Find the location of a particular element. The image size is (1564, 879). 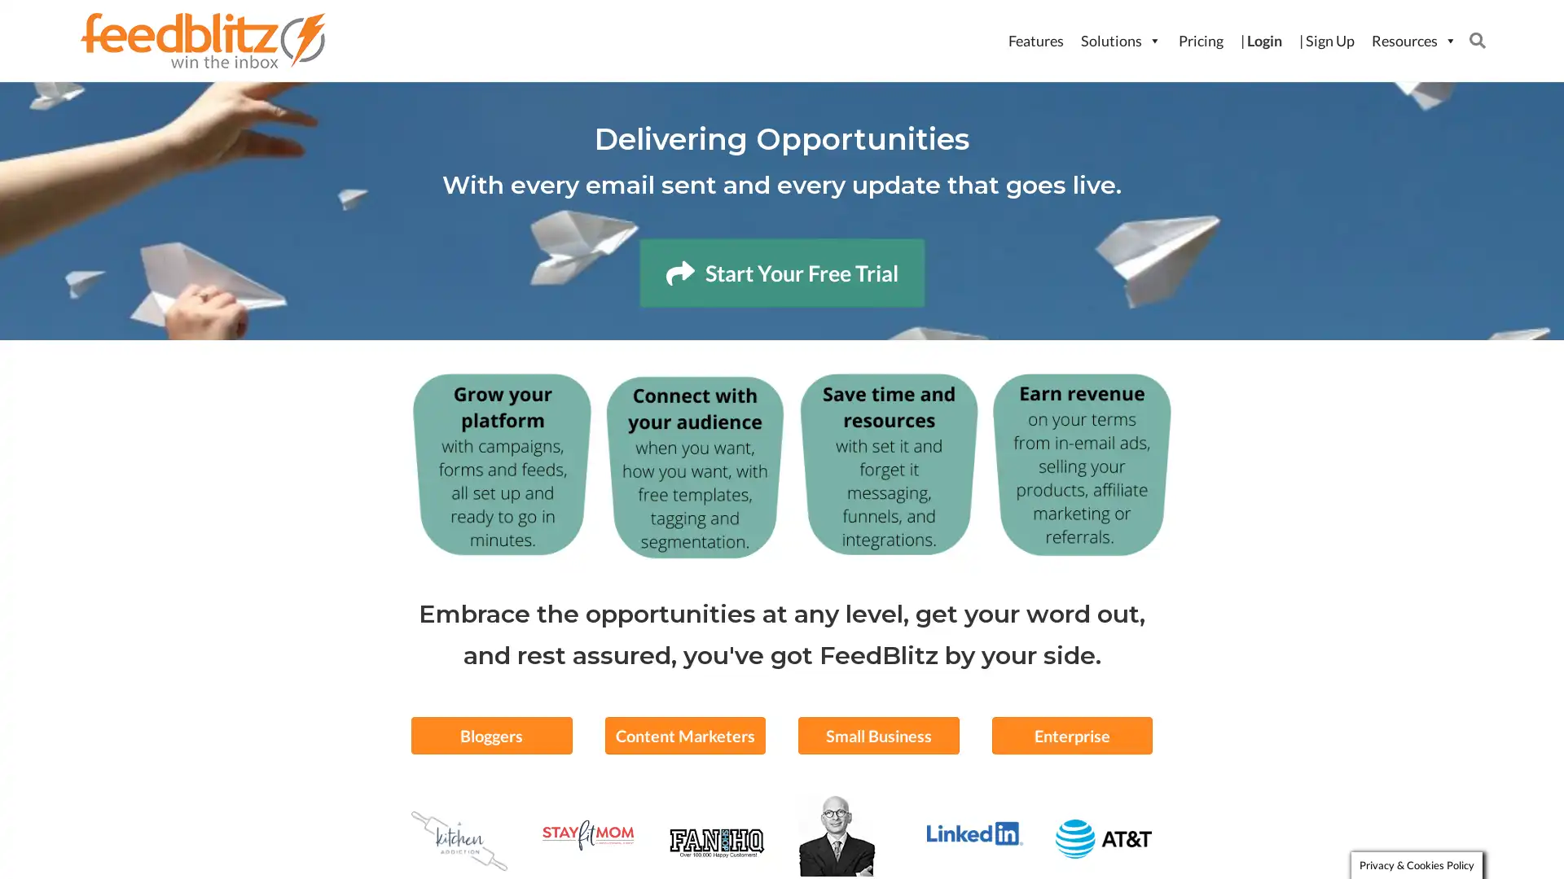

Enterprise is located at coordinates (1071, 734).